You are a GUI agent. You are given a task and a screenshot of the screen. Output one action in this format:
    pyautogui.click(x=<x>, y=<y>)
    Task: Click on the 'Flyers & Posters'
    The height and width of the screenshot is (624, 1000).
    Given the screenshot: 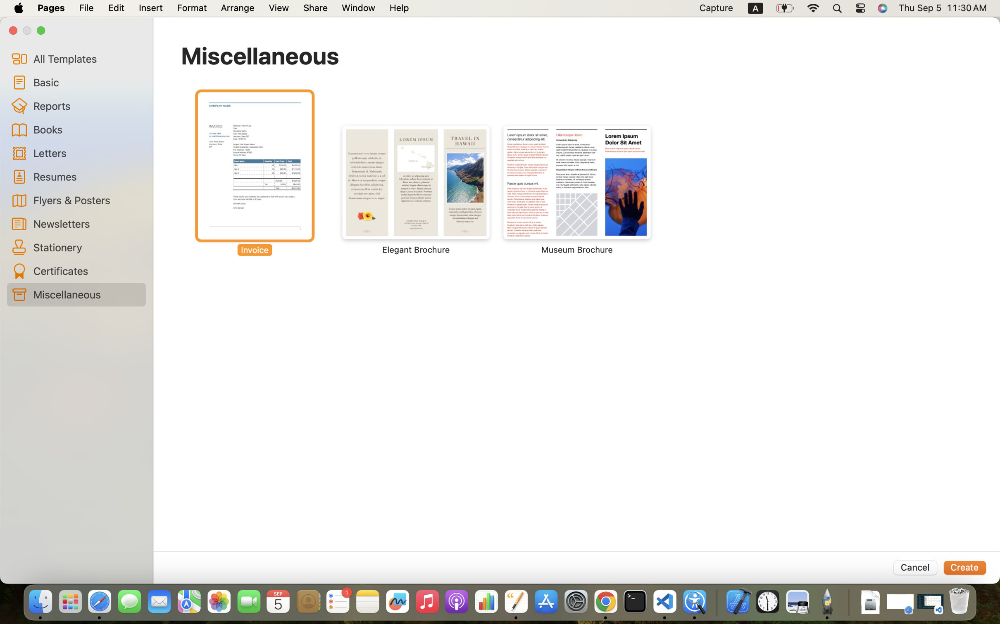 What is the action you would take?
    pyautogui.click(x=86, y=199)
    